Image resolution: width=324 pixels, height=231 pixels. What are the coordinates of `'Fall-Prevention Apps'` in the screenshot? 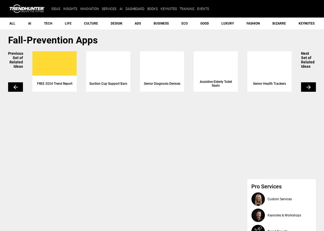 It's located at (52, 40).